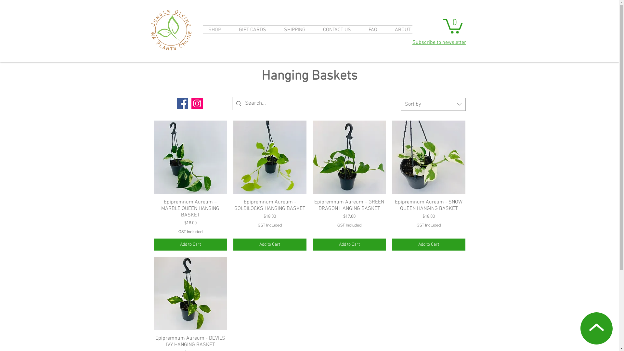 The image size is (624, 351). Describe the element at coordinates (452, 25) in the screenshot. I see `'0'` at that location.